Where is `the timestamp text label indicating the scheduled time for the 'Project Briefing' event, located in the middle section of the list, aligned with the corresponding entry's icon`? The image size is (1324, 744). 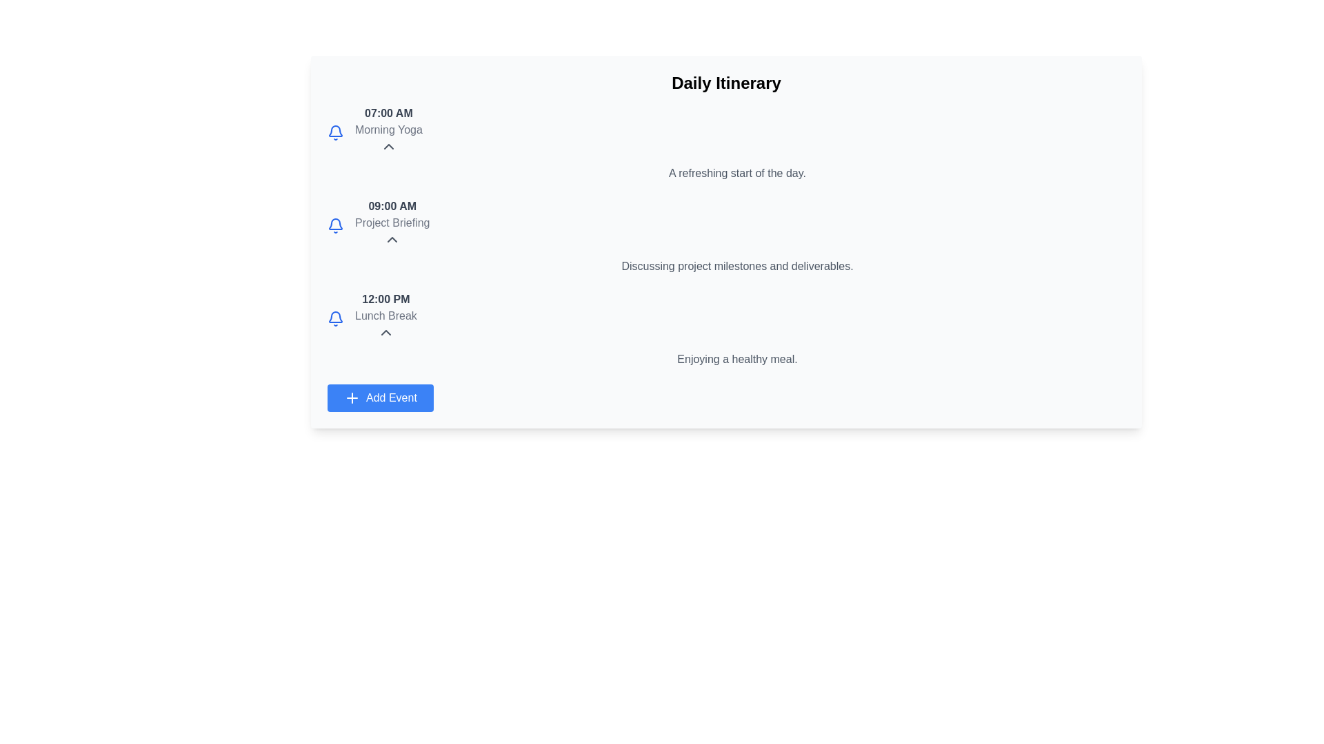
the timestamp text label indicating the scheduled time for the 'Project Briefing' event, located in the middle section of the list, aligned with the corresponding entry's icon is located at coordinates (392, 207).